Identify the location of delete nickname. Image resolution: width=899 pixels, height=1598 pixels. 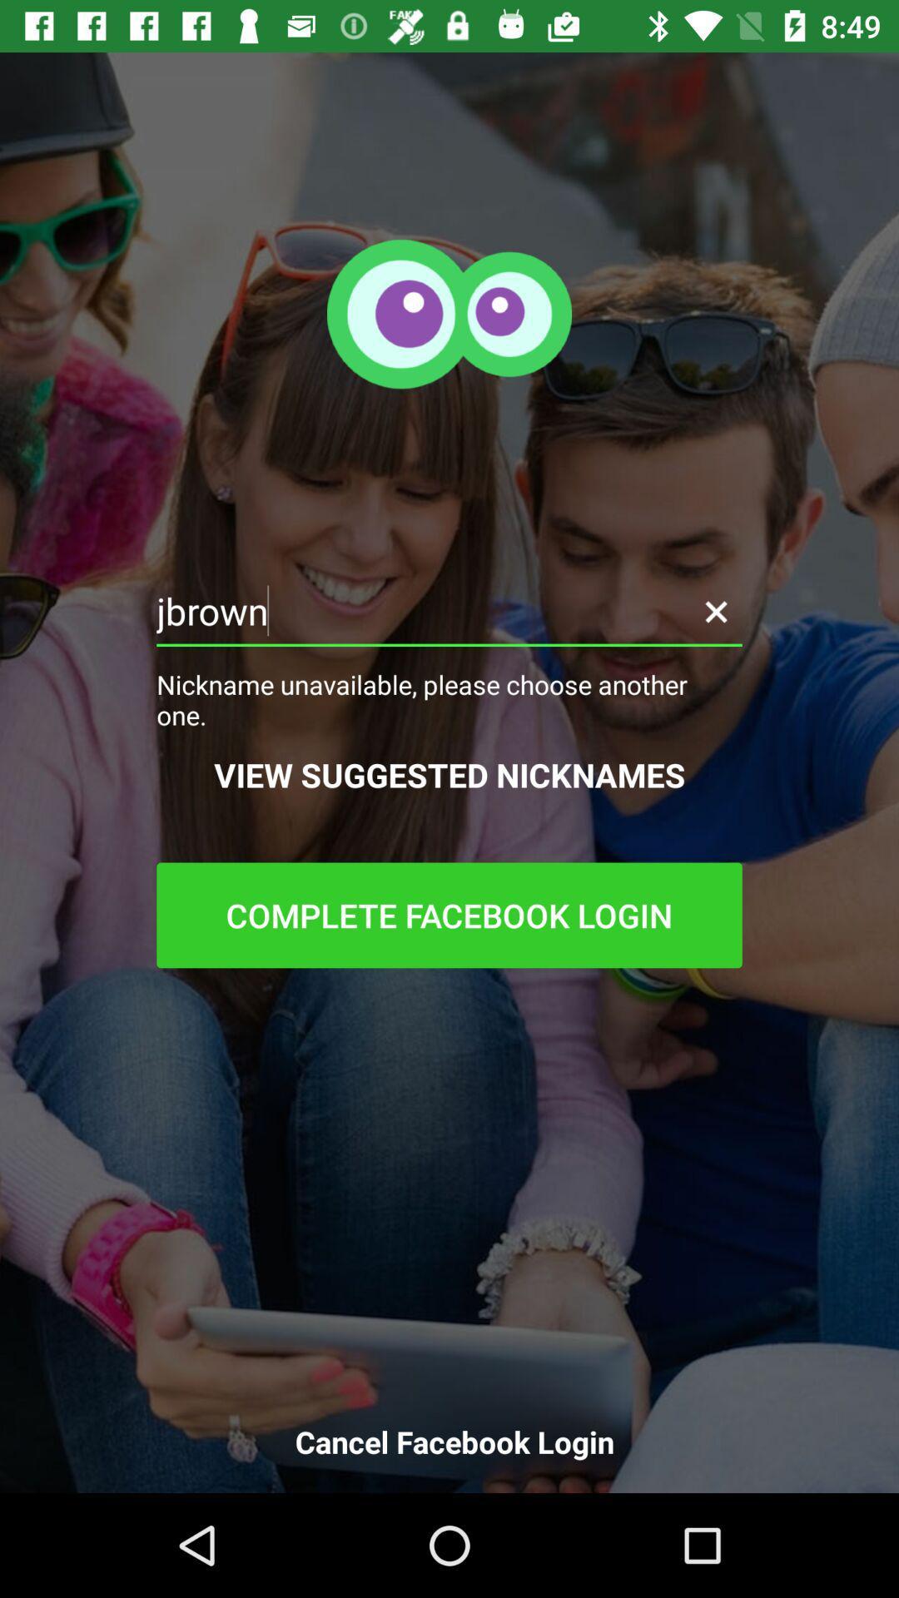
(715, 610).